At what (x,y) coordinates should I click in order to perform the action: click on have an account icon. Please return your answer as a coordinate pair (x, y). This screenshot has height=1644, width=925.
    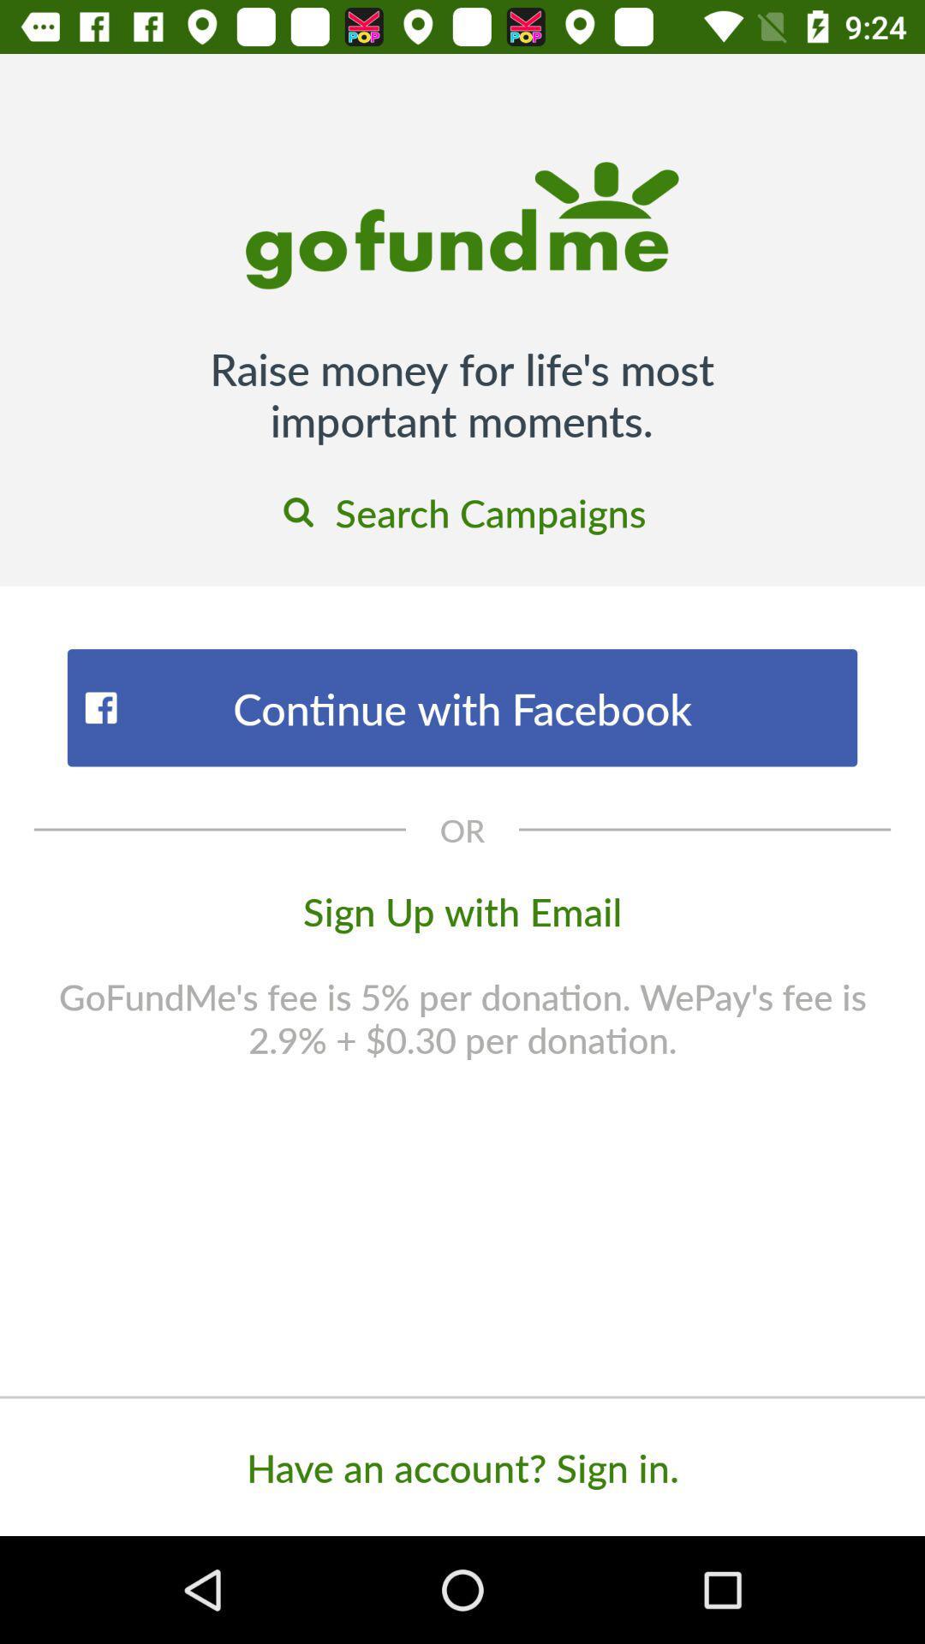
    Looking at the image, I should click on (462, 1466).